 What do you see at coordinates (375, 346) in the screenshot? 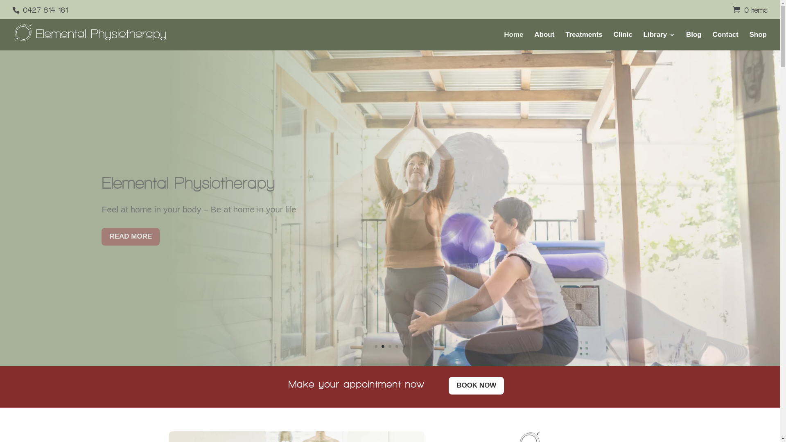
I see `'1'` at bounding box center [375, 346].